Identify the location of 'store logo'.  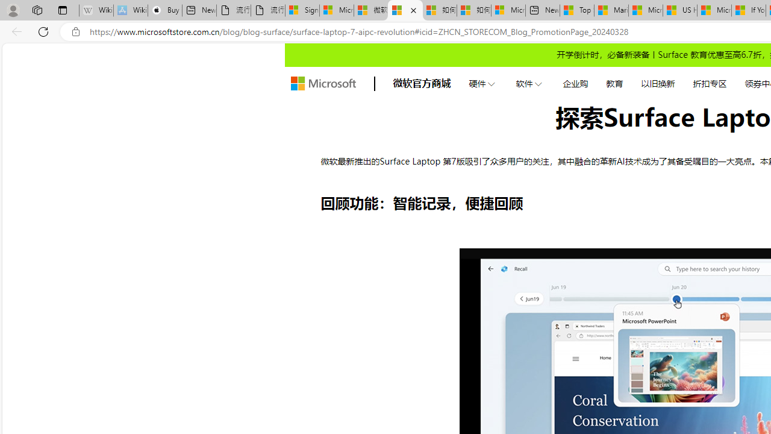
(323, 83).